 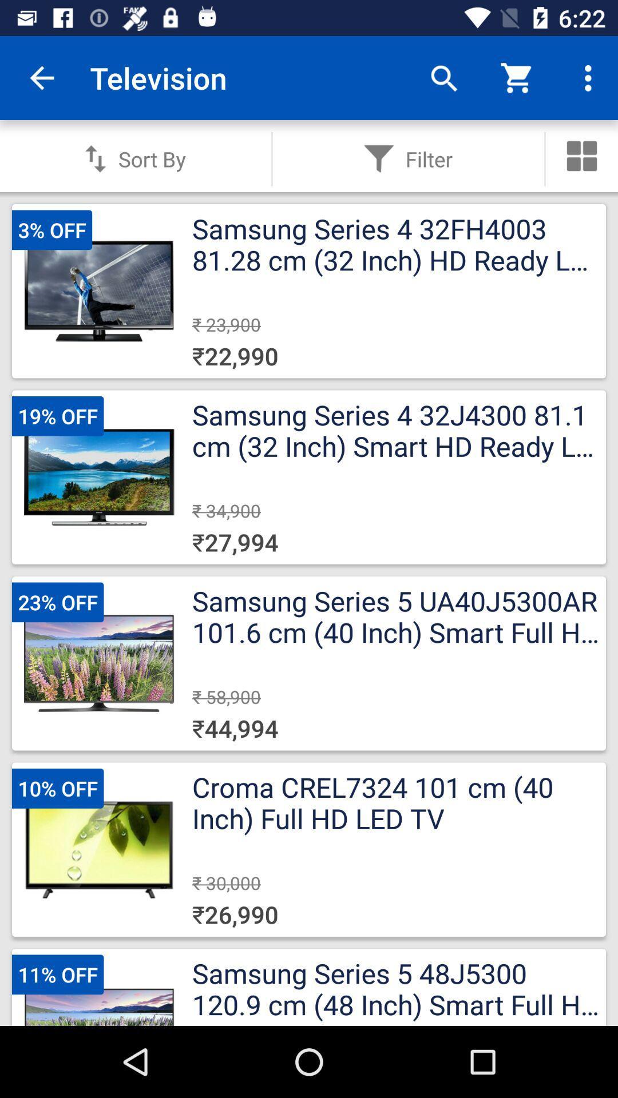 What do you see at coordinates (309, 291) in the screenshot?
I see `the first row` at bounding box center [309, 291].